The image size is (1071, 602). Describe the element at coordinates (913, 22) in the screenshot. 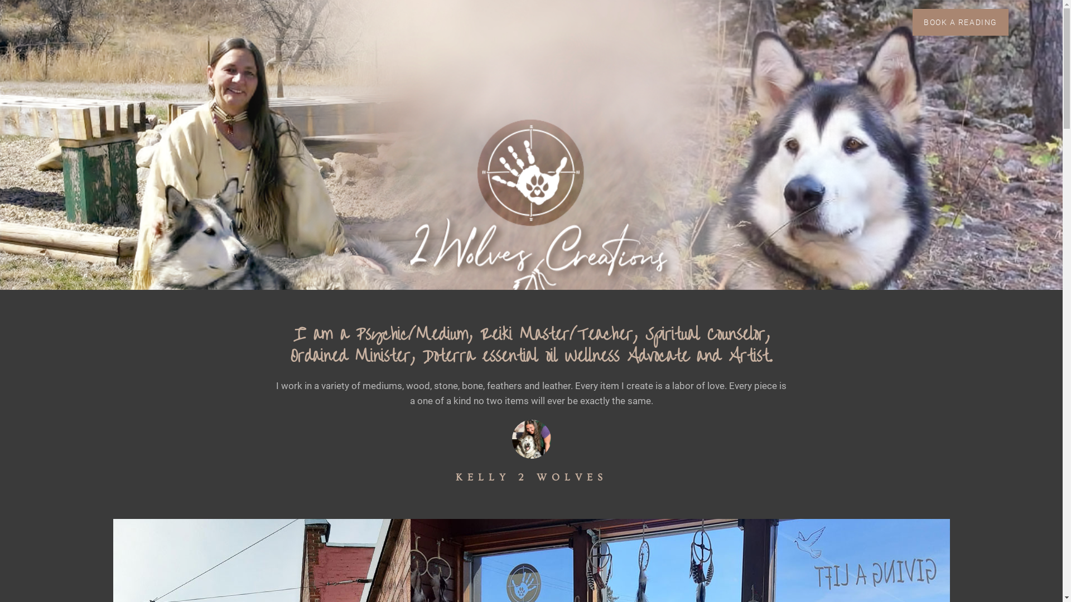

I see `'BOOK A READING'` at that location.